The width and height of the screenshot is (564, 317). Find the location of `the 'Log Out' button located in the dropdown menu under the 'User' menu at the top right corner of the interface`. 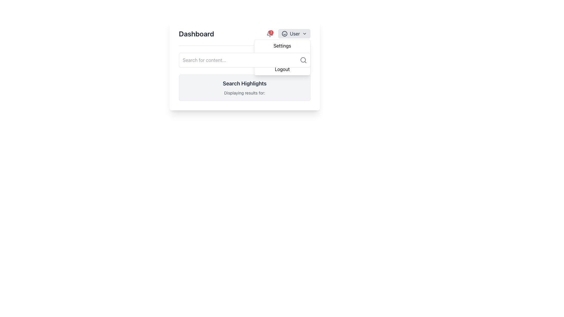

the 'Log Out' button located in the dropdown menu under the 'User' menu at the top right corner of the interface is located at coordinates (282, 69).